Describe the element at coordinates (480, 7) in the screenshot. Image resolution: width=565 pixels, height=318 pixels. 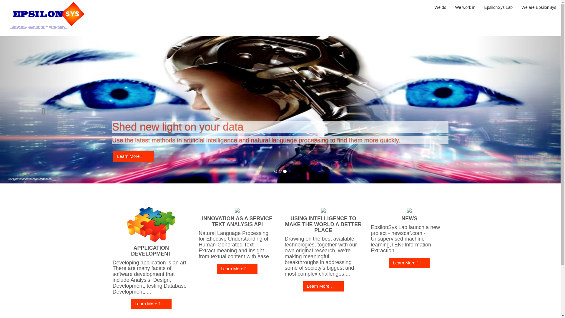
I see `'EpsilonSys Lab'` at that location.